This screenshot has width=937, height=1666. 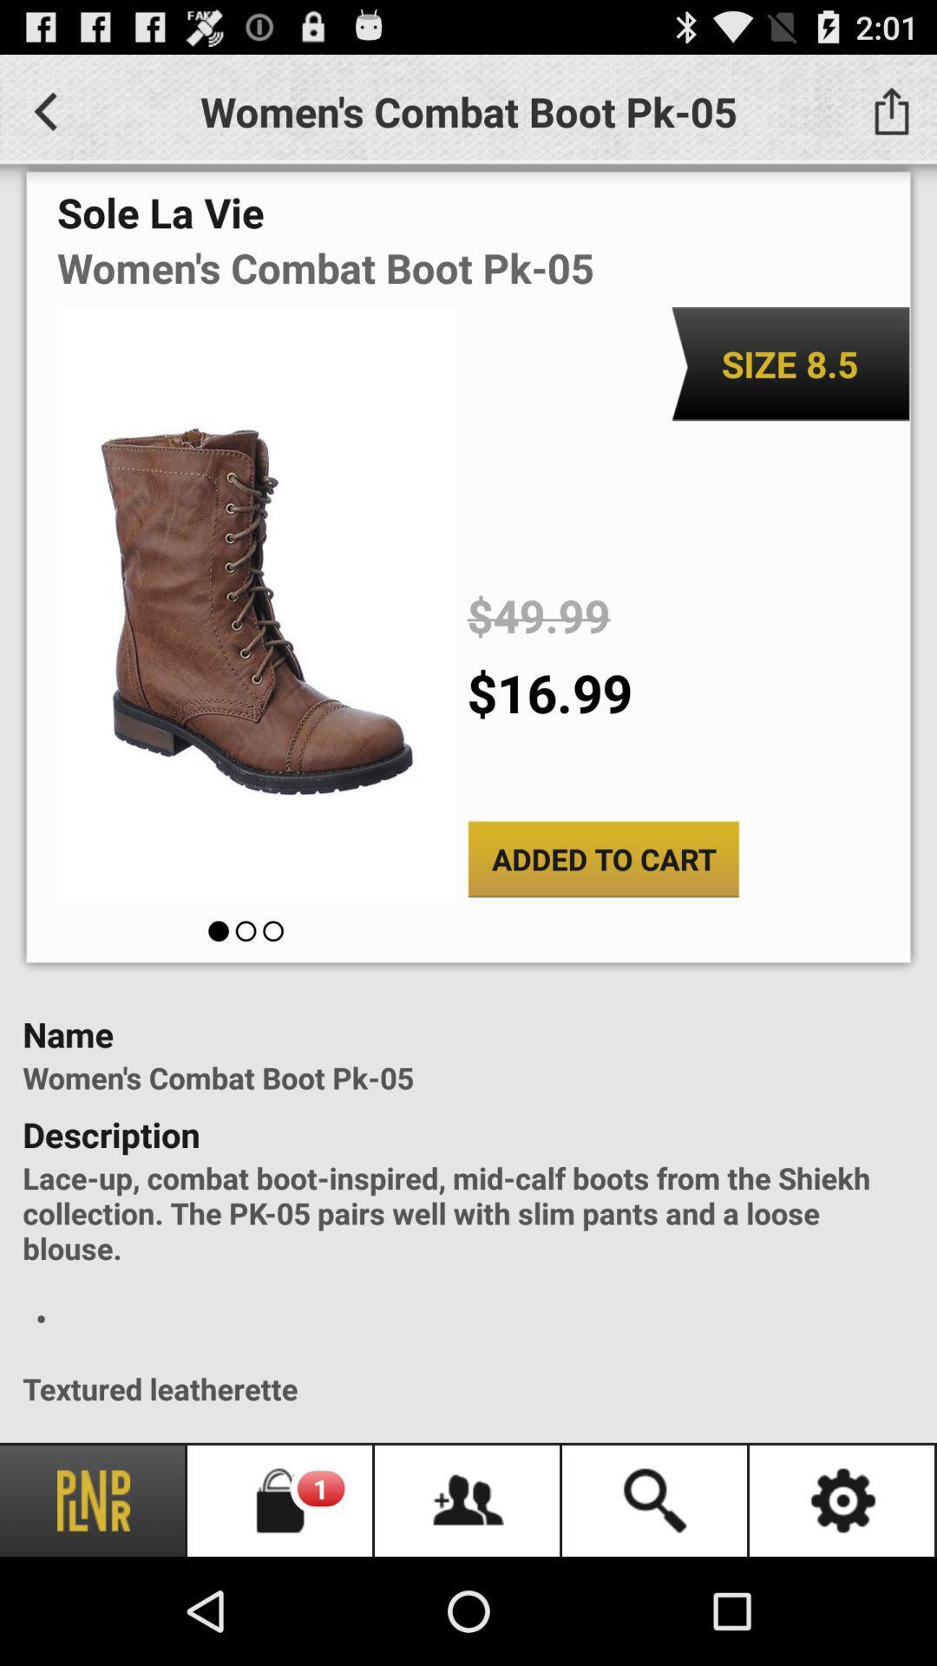 What do you see at coordinates (790, 363) in the screenshot?
I see `the item below women s combat app` at bounding box center [790, 363].